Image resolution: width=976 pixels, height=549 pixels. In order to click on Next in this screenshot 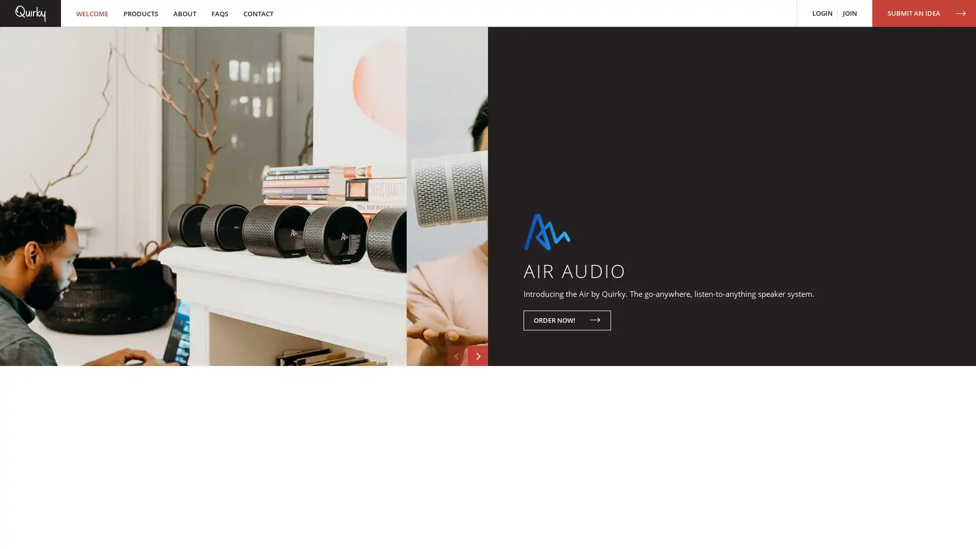, I will do `click(477, 423)`.